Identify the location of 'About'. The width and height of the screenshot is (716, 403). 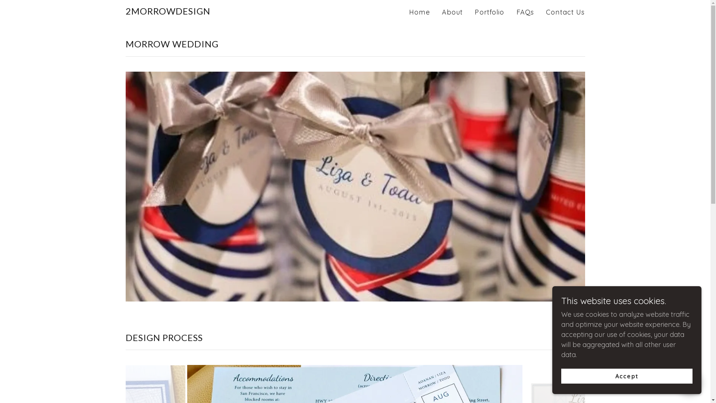
(452, 12).